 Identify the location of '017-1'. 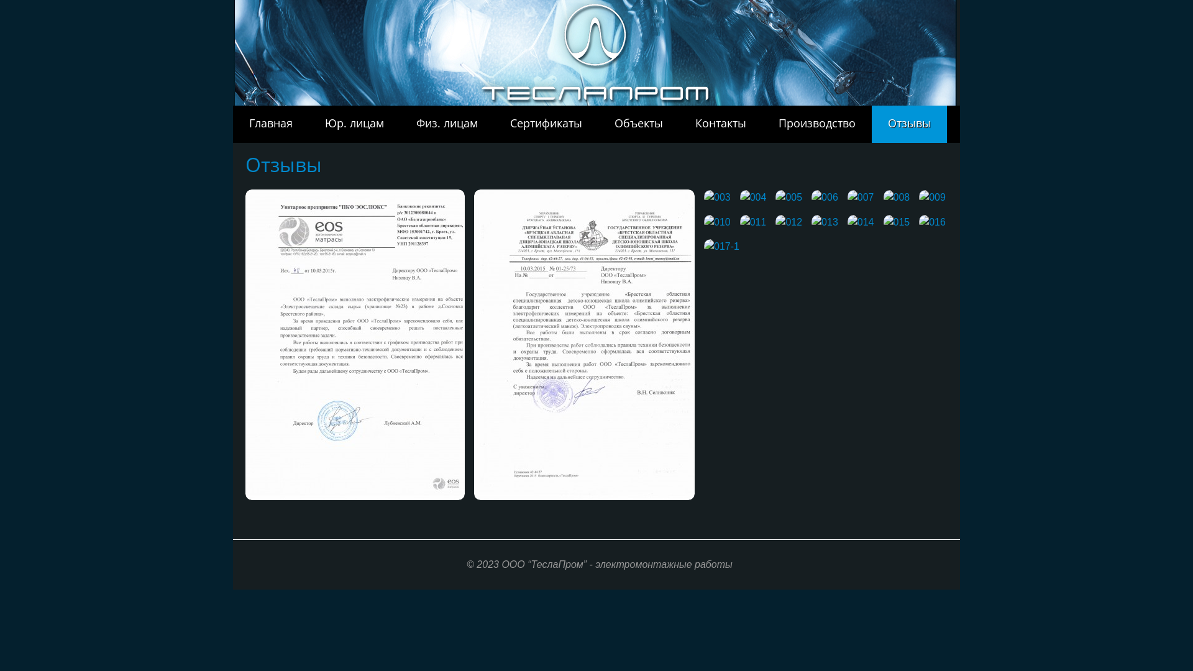
(703, 247).